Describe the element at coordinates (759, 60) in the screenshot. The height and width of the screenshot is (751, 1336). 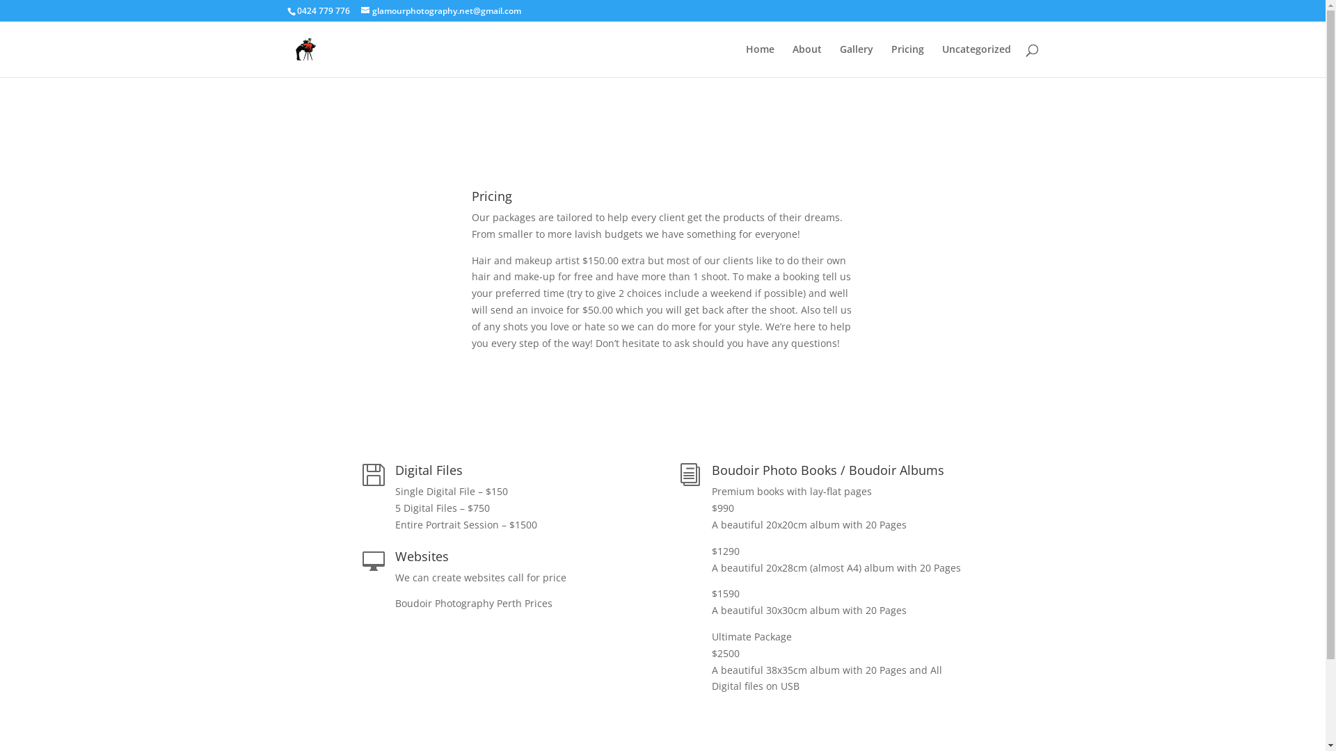
I see `'Home'` at that location.